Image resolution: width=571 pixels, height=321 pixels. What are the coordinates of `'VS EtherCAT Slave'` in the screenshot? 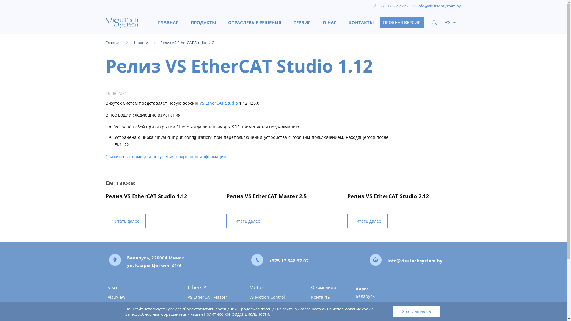 It's located at (211, 307).